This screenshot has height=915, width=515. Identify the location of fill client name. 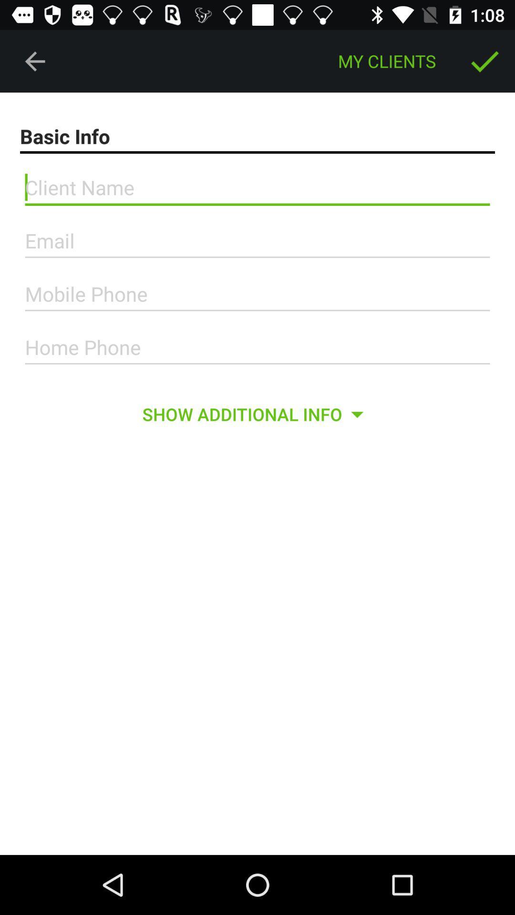
(257, 188).